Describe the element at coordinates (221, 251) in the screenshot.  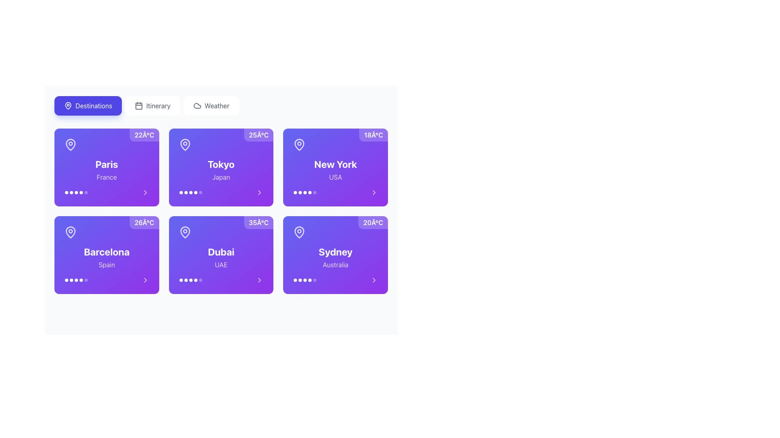
I see `the card containing the bold, white 'Dubai' text, which is centrally placed within a purple gradient background card in the second row of a grid layout` at that location.